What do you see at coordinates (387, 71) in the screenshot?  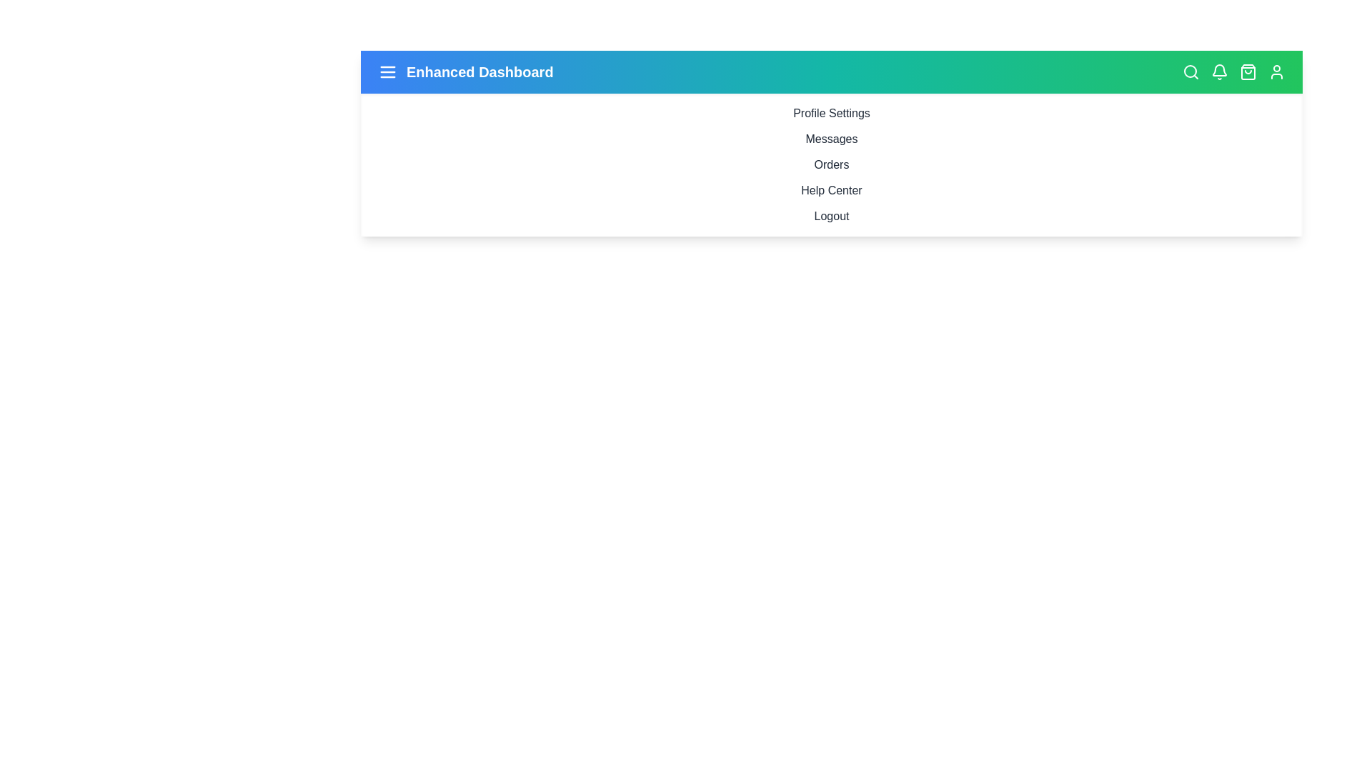 I see `the menu icon to toggle the sidebar` at bounding box center [387, 71].